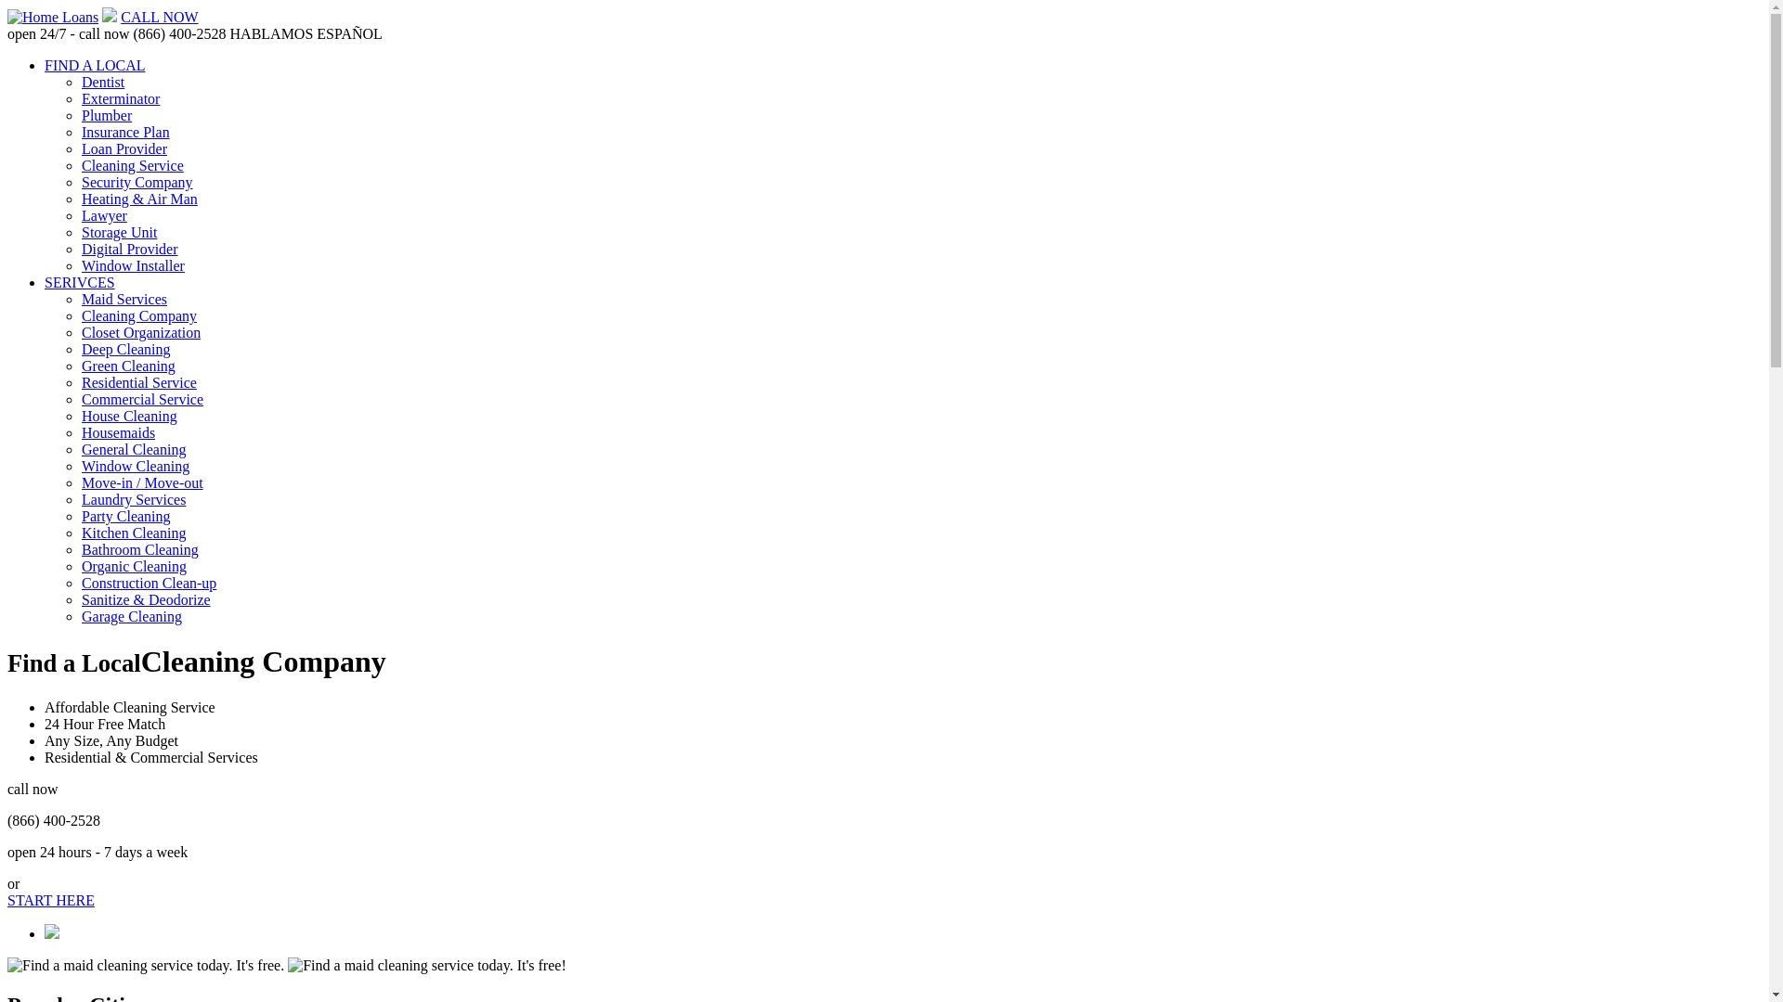  Describe the element at coordinates (127, 366) in the screenshot. I see `'Green Cleaning'` at that location.